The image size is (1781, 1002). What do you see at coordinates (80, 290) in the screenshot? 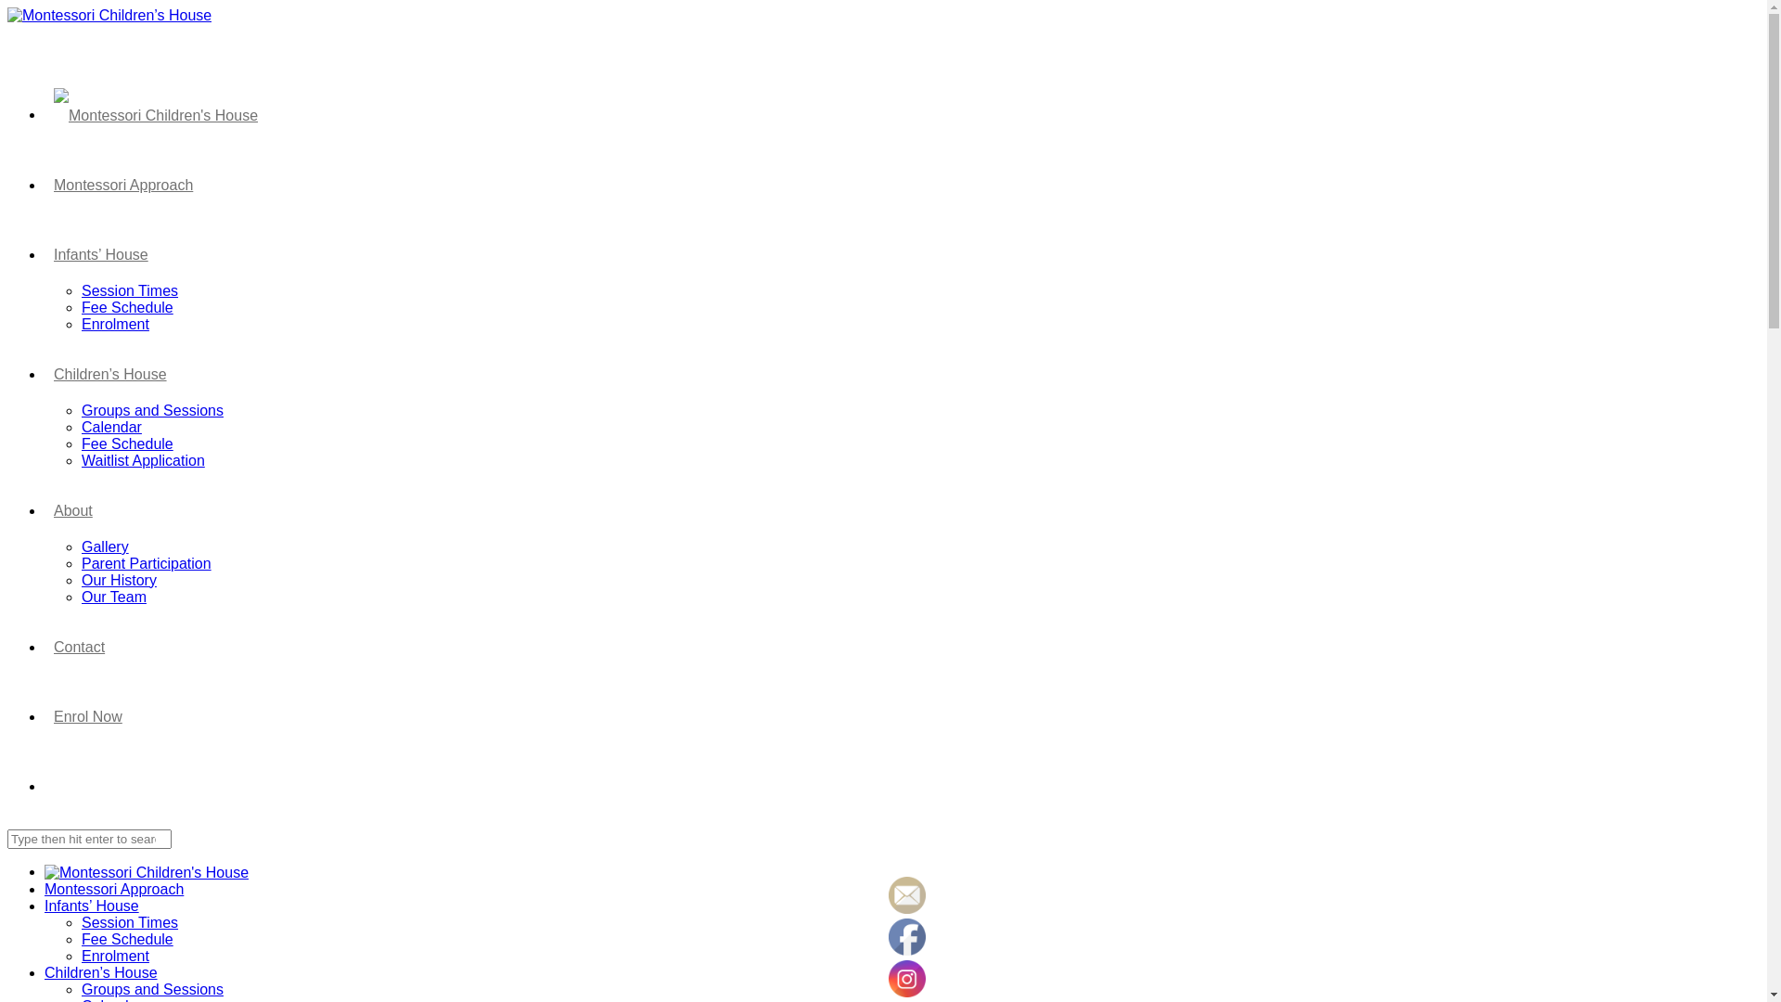
I see `'Session Times'` at bounding box center [80, 290].